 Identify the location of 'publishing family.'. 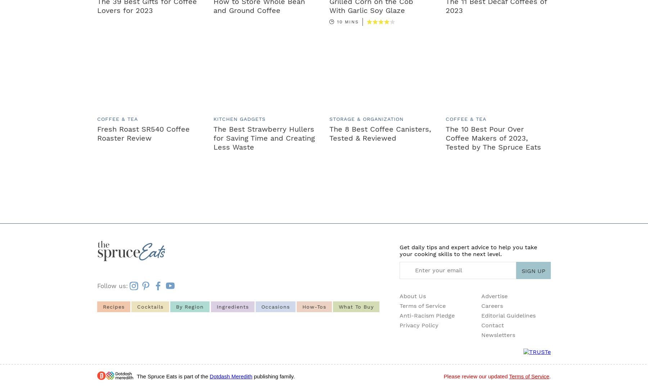
(252, 376).